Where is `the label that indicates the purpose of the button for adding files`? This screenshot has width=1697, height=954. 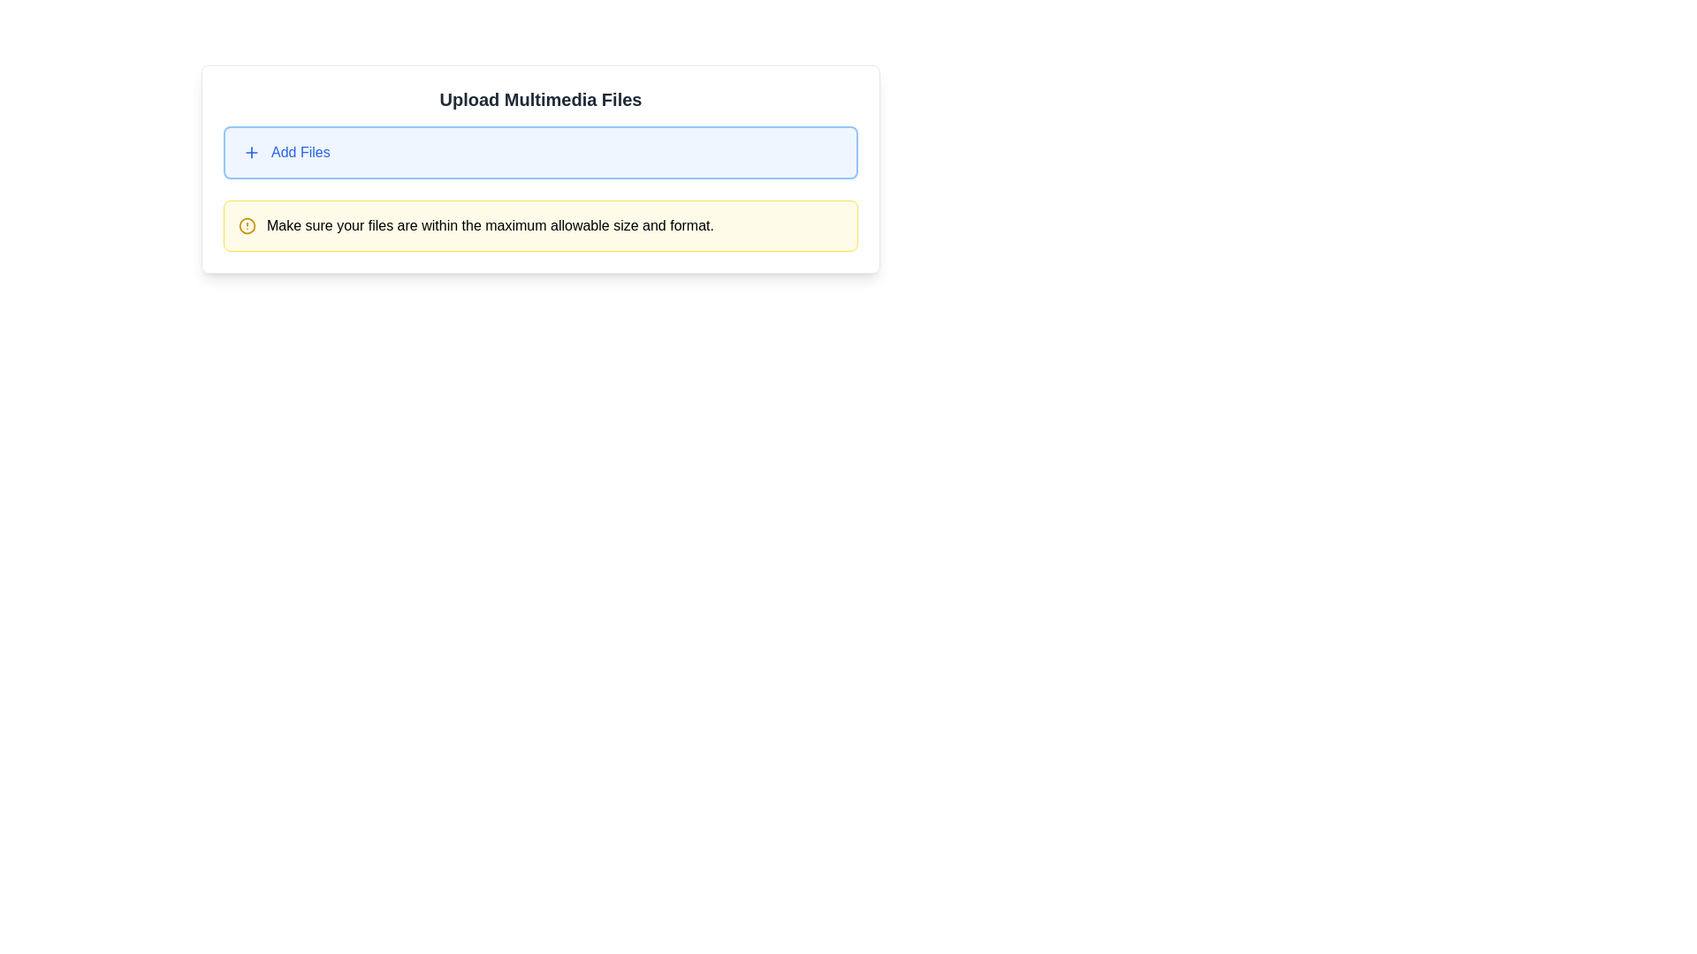
the label that indicates the purpose of the button for adding files is located at coordinates (301, 152).